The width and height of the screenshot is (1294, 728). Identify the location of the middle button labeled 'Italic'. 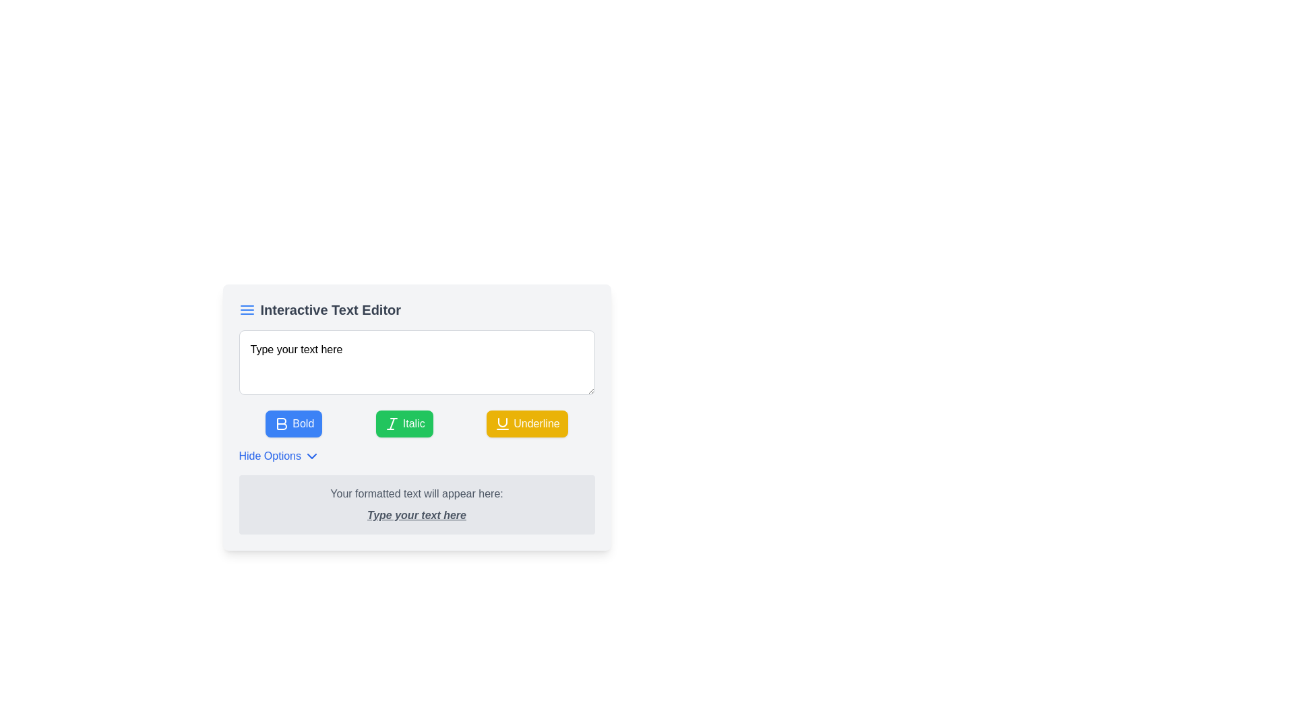
(391, 423).